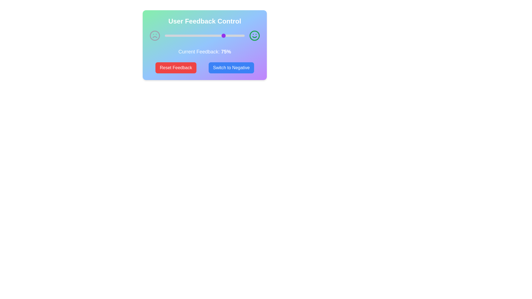 The height and width of the screenshot is (299, 532). Describe the element at coordinates (172, 35) in the screenshot. I see `the feedback slider to set the feedback percentage to 10` at that location.